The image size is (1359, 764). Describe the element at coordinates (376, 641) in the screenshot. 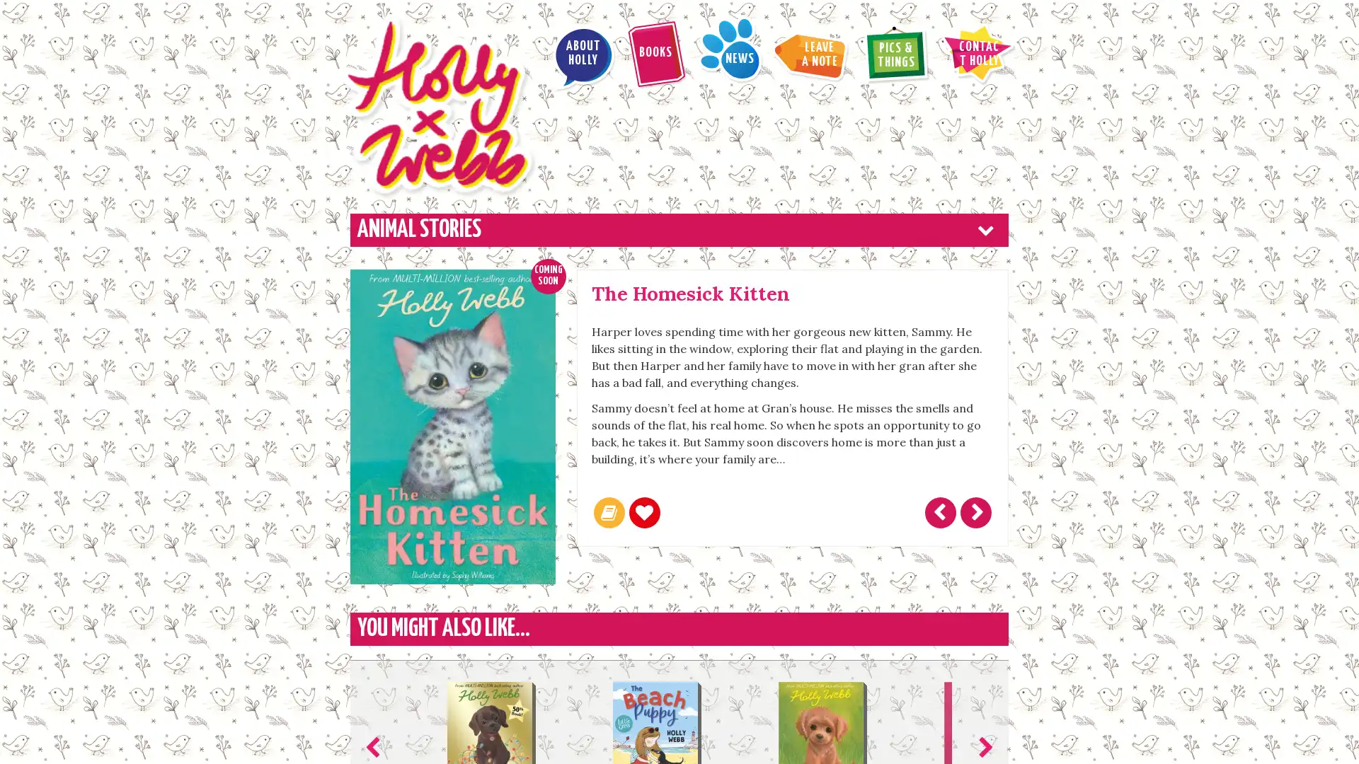

I see `Previous` at that location.